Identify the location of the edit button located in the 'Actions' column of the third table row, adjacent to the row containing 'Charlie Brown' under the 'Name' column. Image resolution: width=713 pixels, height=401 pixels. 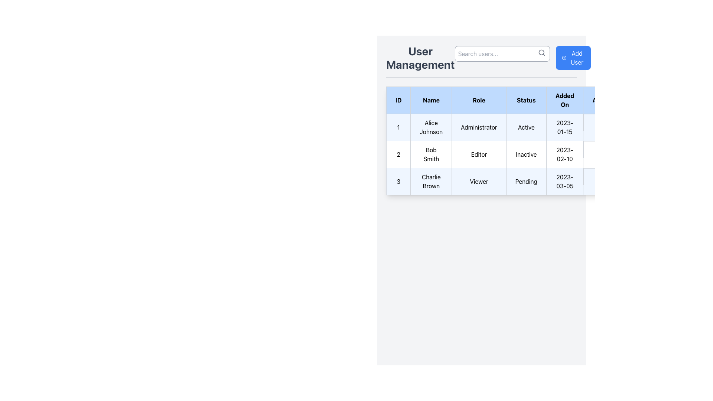
(598, 176).